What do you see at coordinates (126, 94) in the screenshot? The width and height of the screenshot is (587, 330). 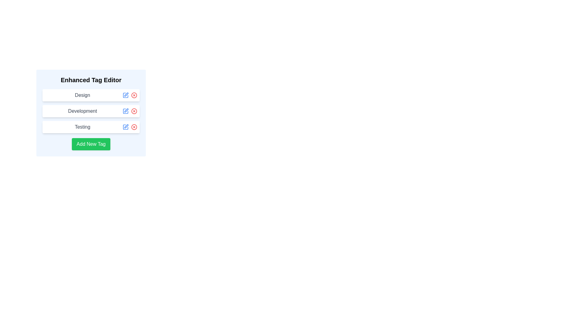 I see `the editing tool icon located to the right of the 'Design' label` at bounding box center [126, 94].